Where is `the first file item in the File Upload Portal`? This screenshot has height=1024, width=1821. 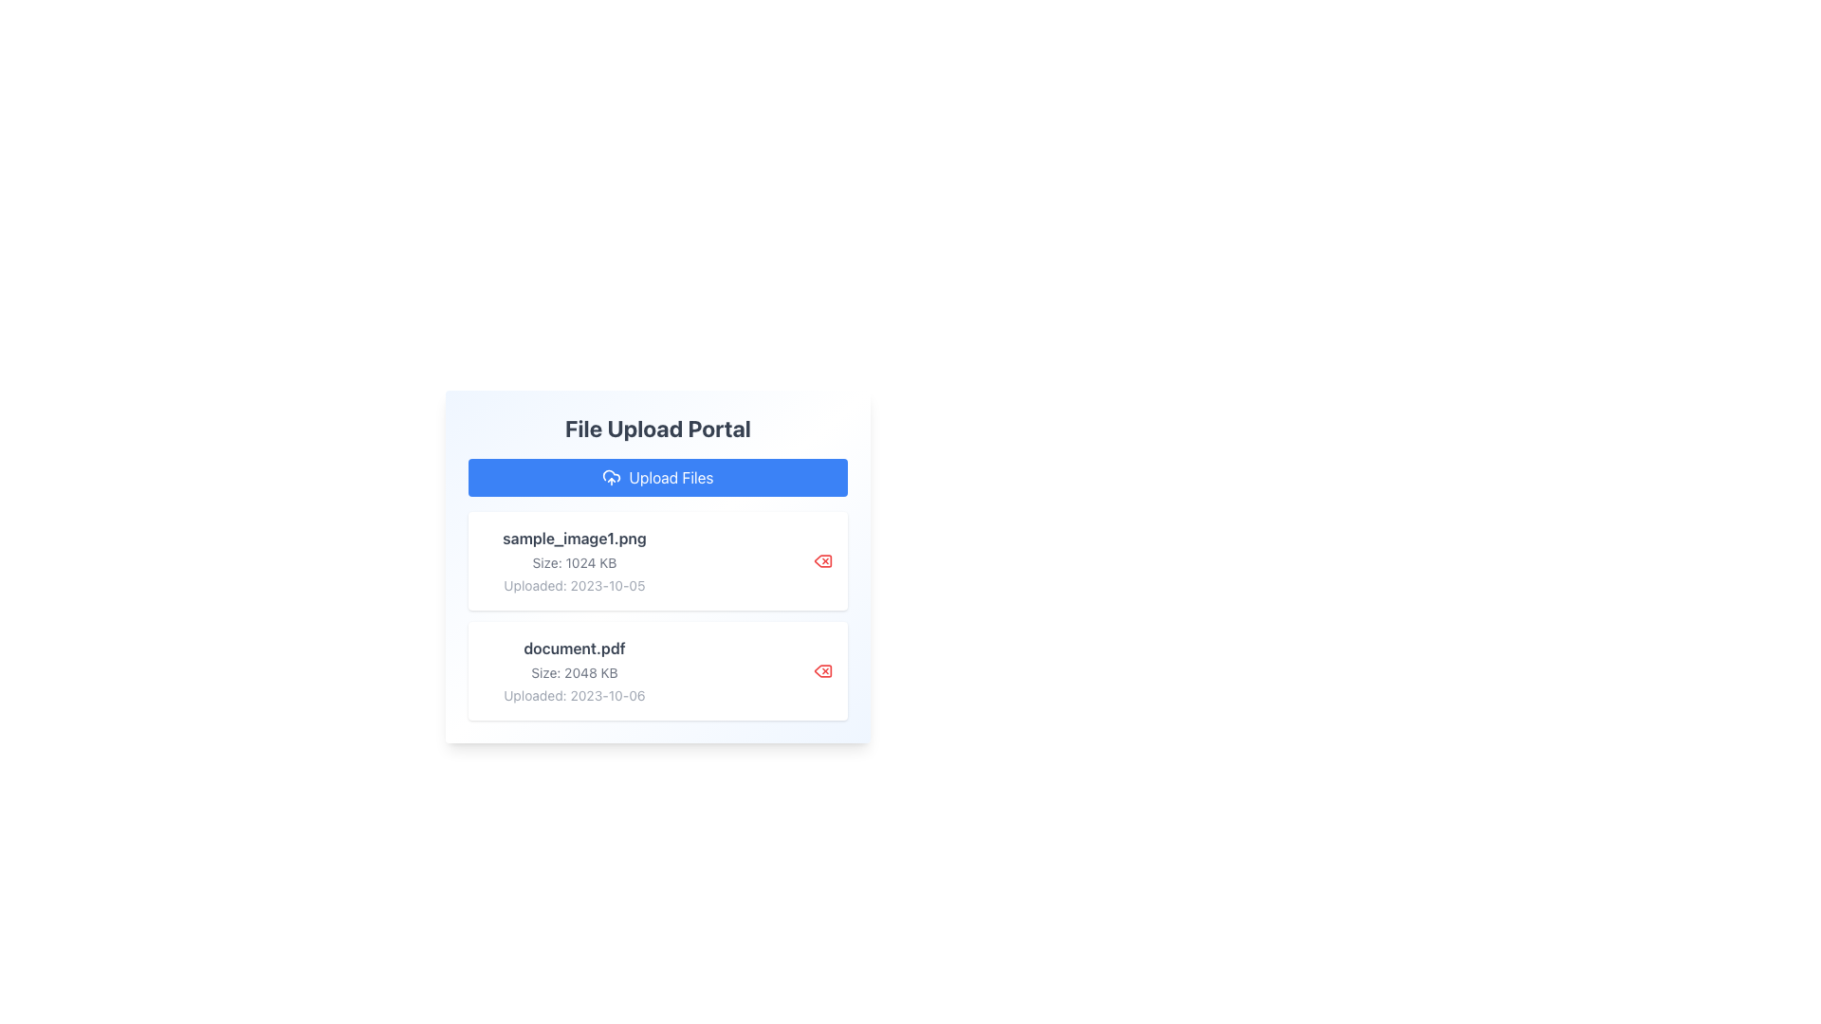
the first file item in the File Upload Portal is located at coordinates (658, 559).